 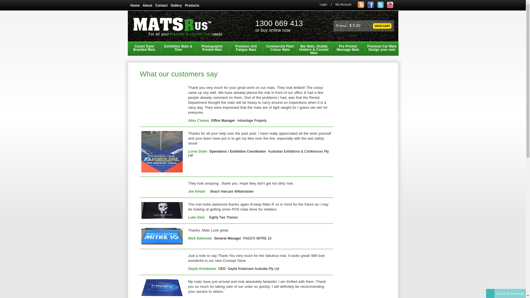 What do you see at coordinates (212, 49) in the screenshot?
I see `'Photographic Printed Mats'` at bounding box center [212, 49].